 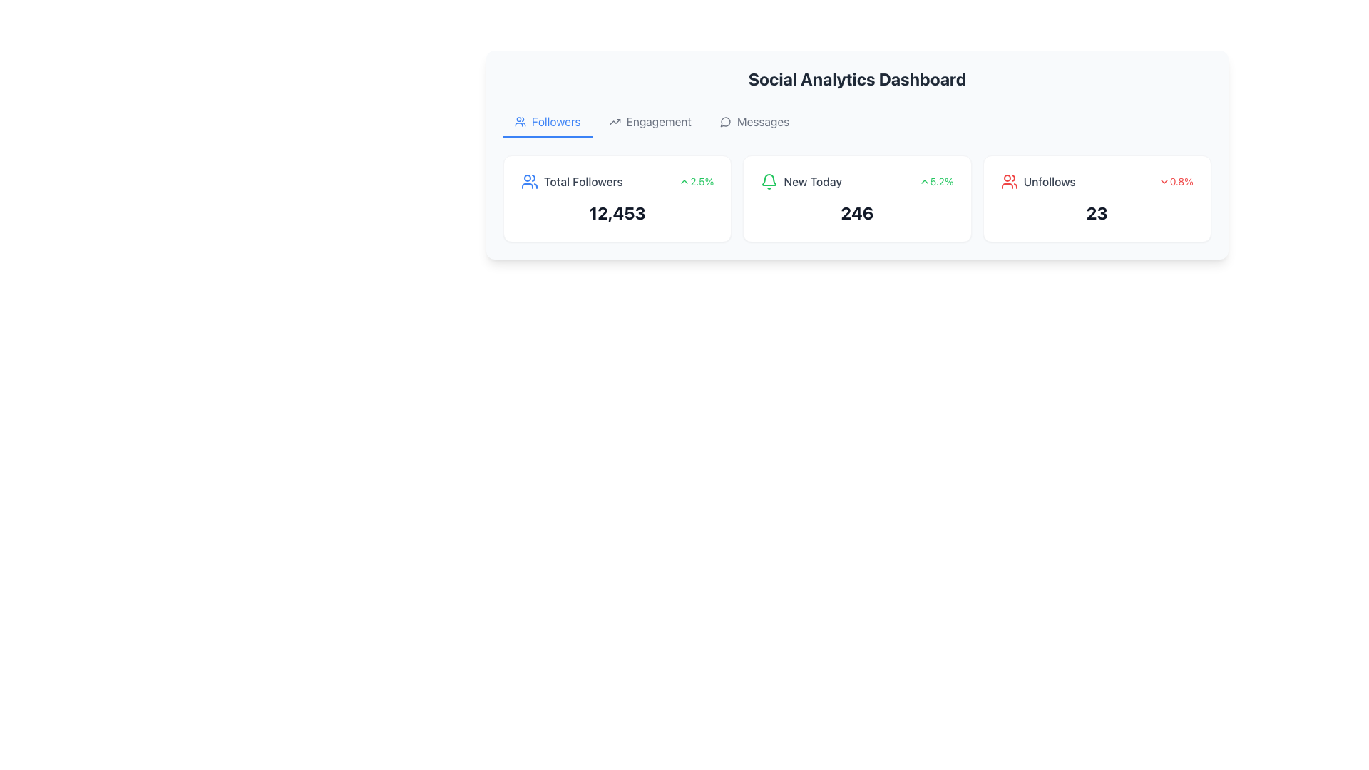 I want to click on the informational label indicating new statistics, located in the middle panel of the social analytics card interface, near the bell icon and above the numeric value '246', so click(x=801, y=180).